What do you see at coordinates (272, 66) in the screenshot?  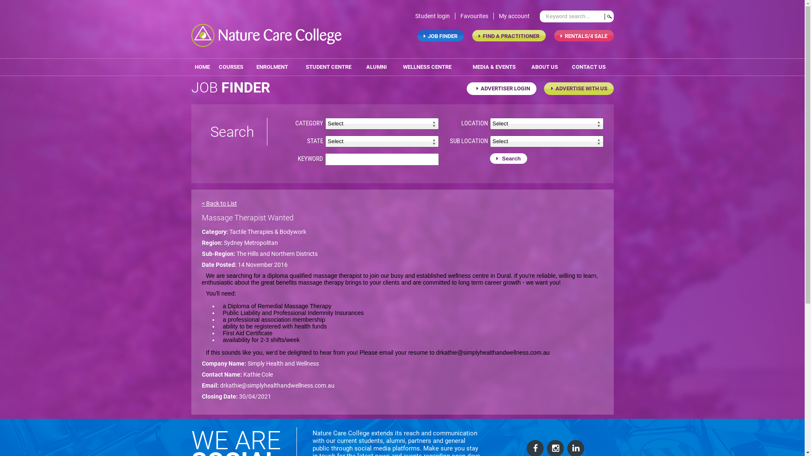 I see `'ENROLMENT'` at bounding box center [272, 66].